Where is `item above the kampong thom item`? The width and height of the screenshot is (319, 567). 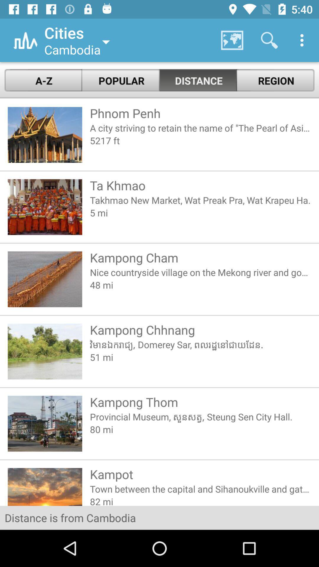
item above the kampong thom item is located at coordinates (200, 357).